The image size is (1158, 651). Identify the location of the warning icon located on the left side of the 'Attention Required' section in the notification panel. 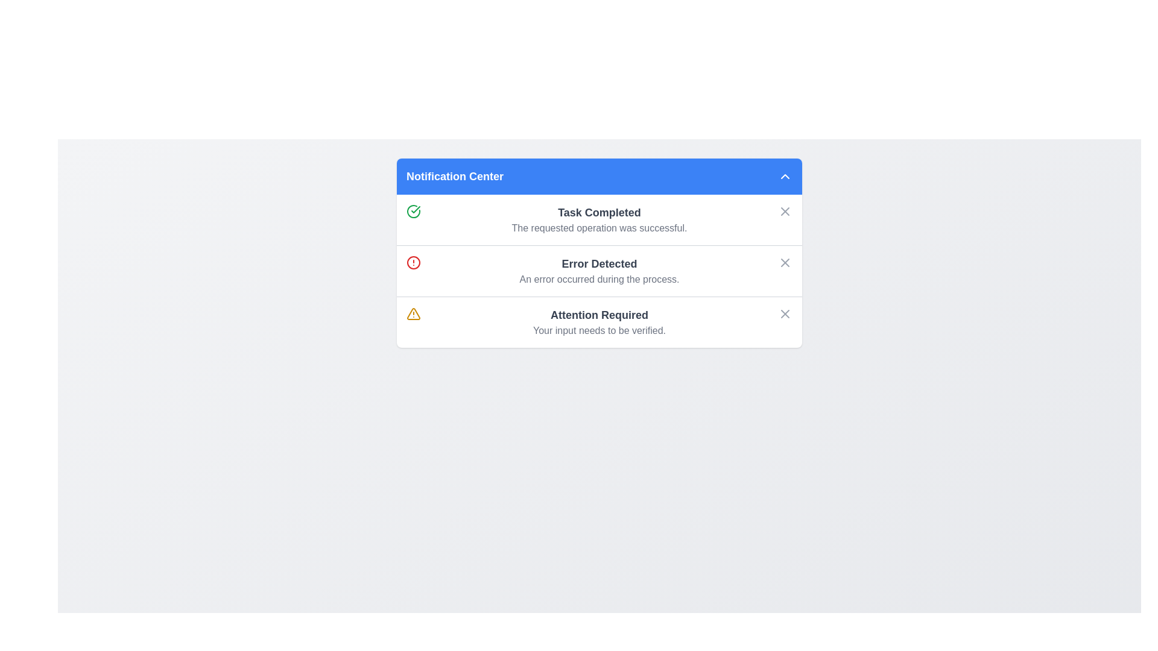
(414, 313).